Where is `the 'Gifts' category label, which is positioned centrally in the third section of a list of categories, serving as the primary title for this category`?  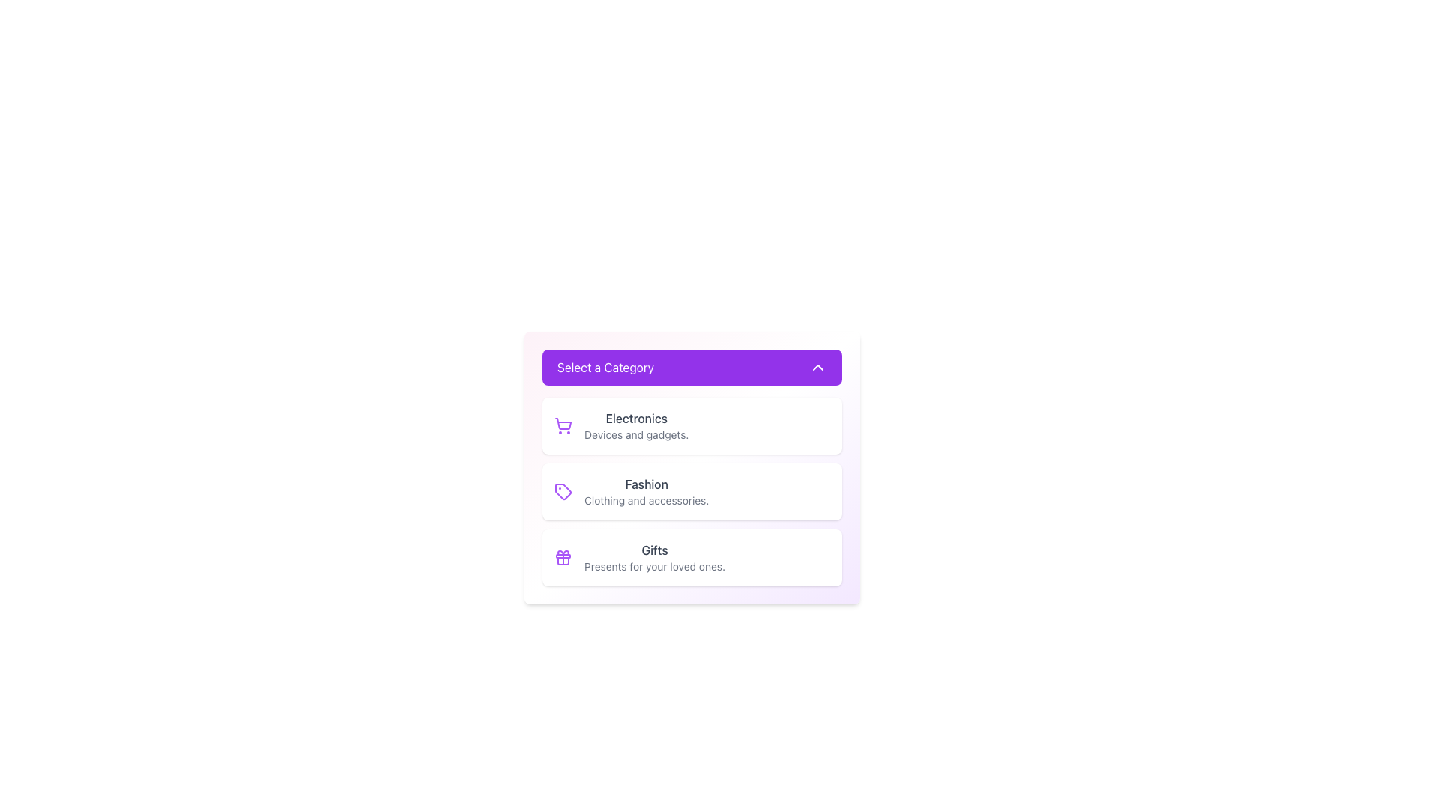 the 'Gifts' category label, which is positioned centrally in the third section of a list of categories, serving as the primary title for this category is located at coordinates (655, 550).